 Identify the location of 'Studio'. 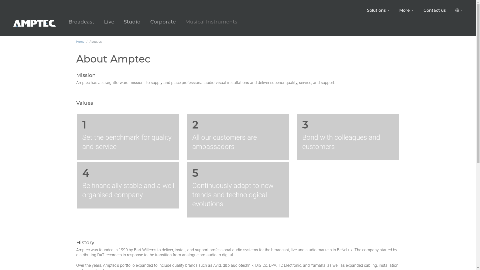
(132, 22).